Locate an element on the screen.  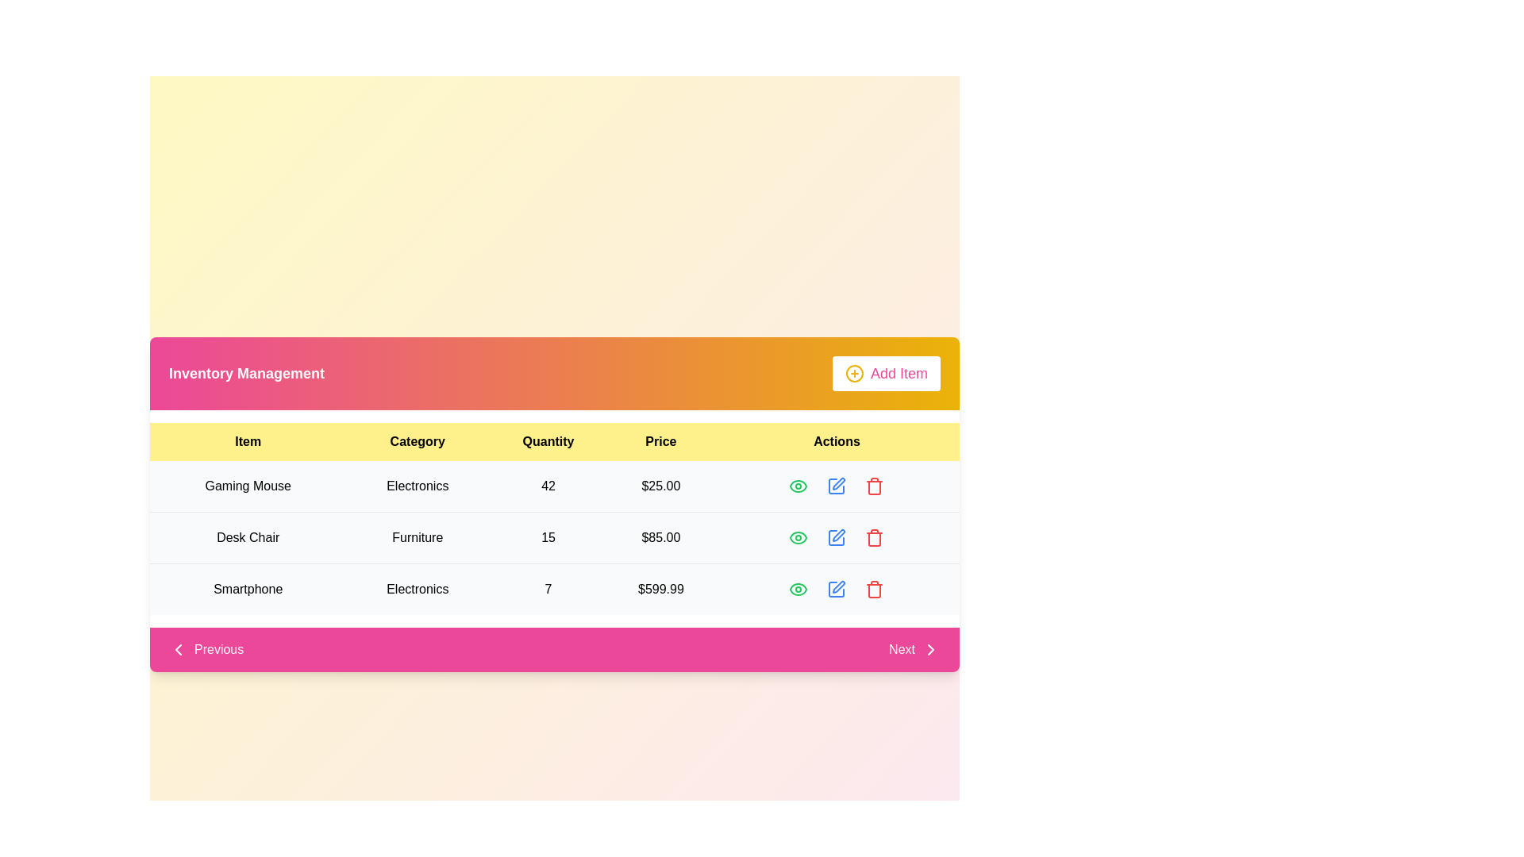
the delete button located in the last row of the table under the 'Actions' column, which is the third button in a horizontal arrangement after the 'view' and 'edit' buttons, to initiate deletion is located at coordinates (874, 590).